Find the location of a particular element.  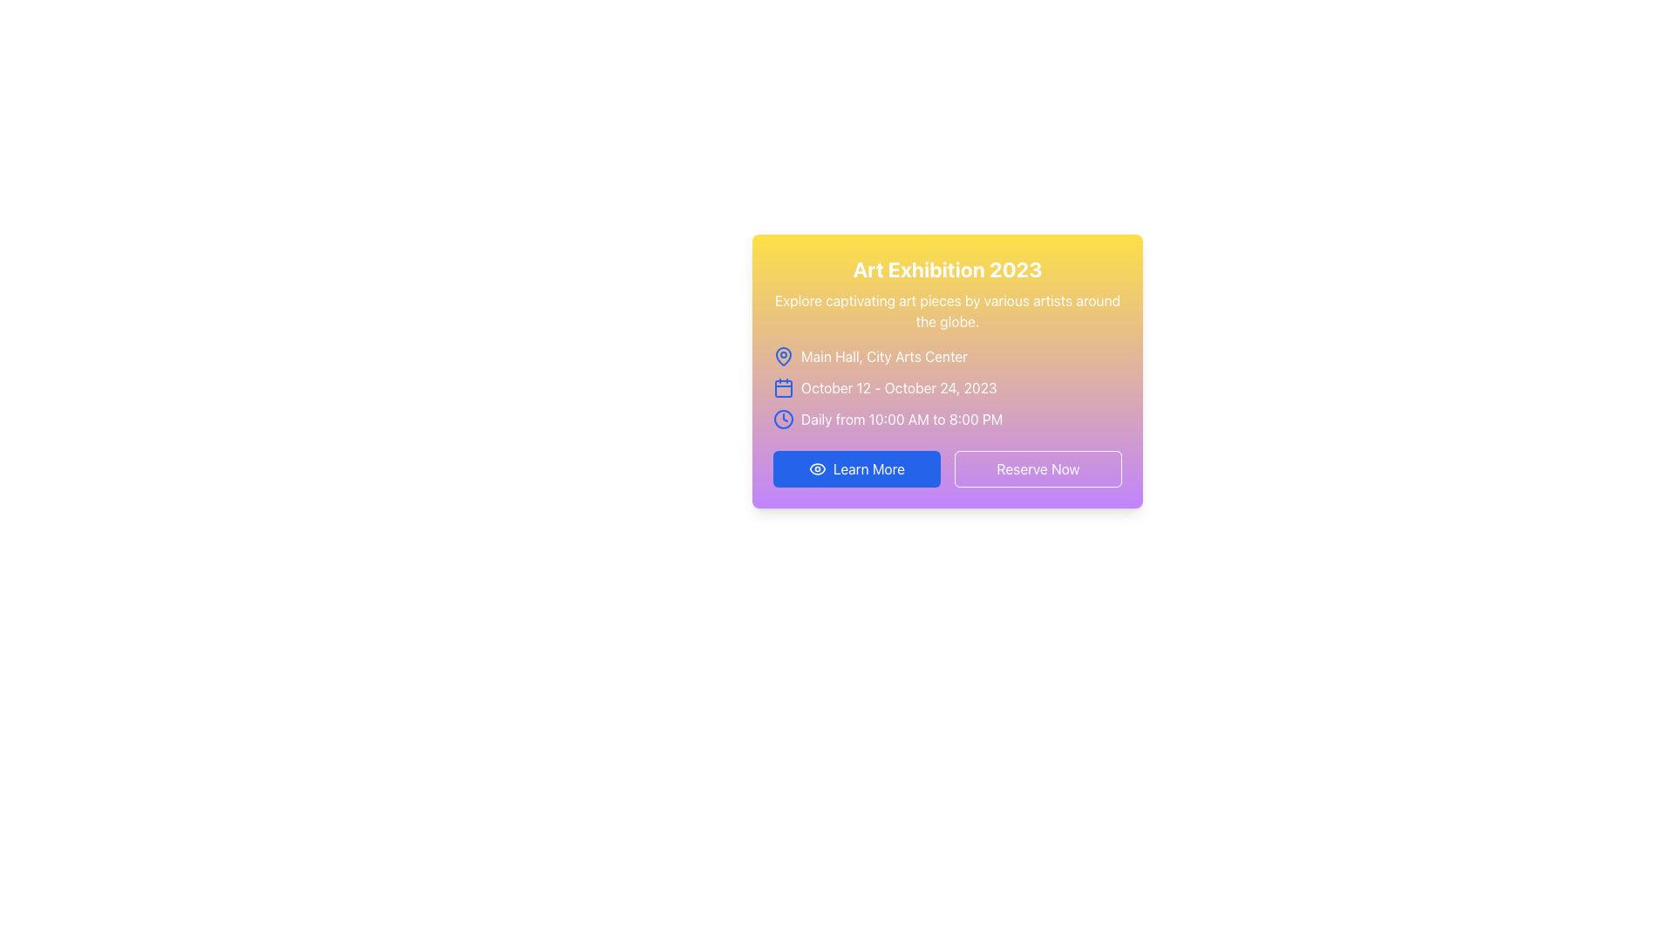

the text element that displays 'Main Hall, City Arts Center' with a blue map pin icon, positioned below the title in the card component is located at coordinates (946, 355).